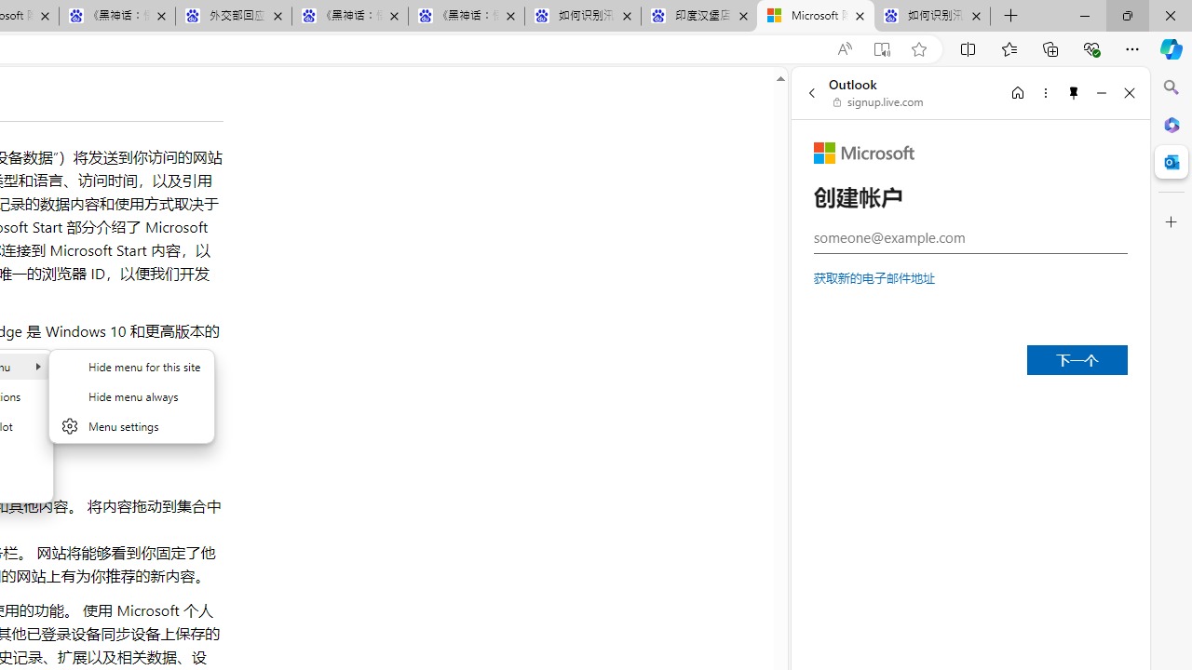  I want to click on 'Hide menu always', so click(130, 395).